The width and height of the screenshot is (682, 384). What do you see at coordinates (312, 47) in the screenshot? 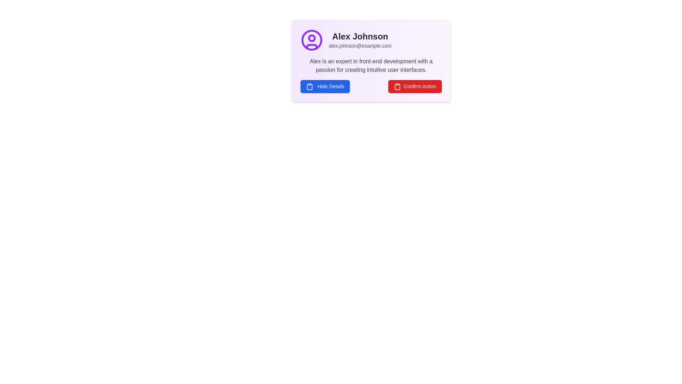
I see `the bold curved line or arc representing the shoulders of the user profile icon, which is located below the circular outline and to the left of the user's name` at bounding box center [312, 47].